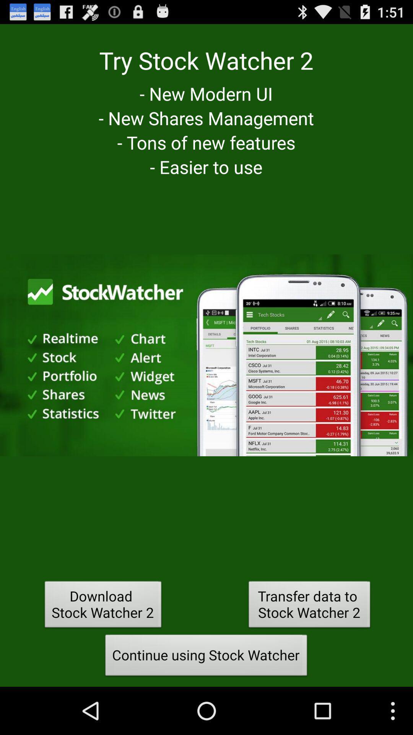  I want to click on the transfer data to, so click(309, 606).